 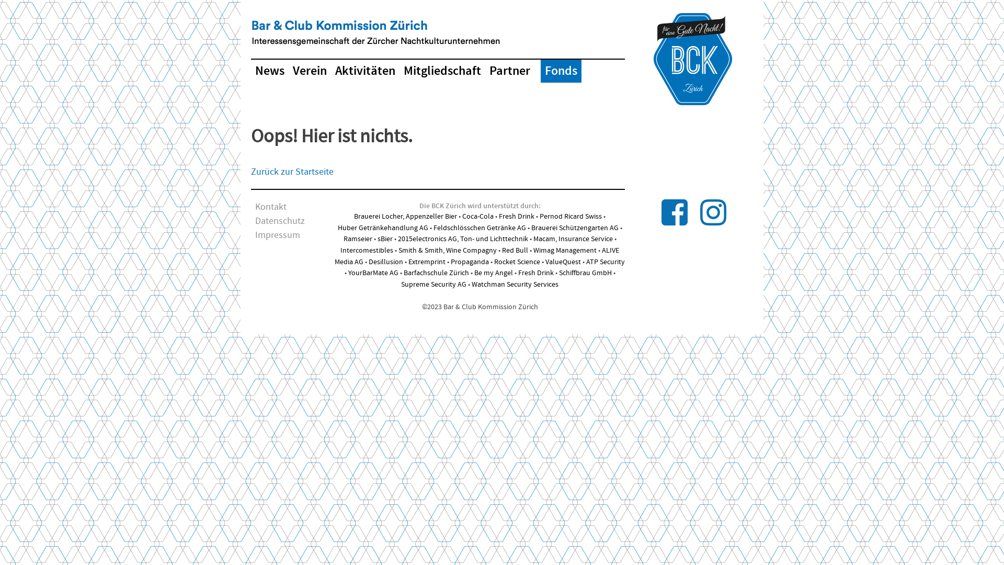 I want to click on 'News', so click(x=269, y=71).